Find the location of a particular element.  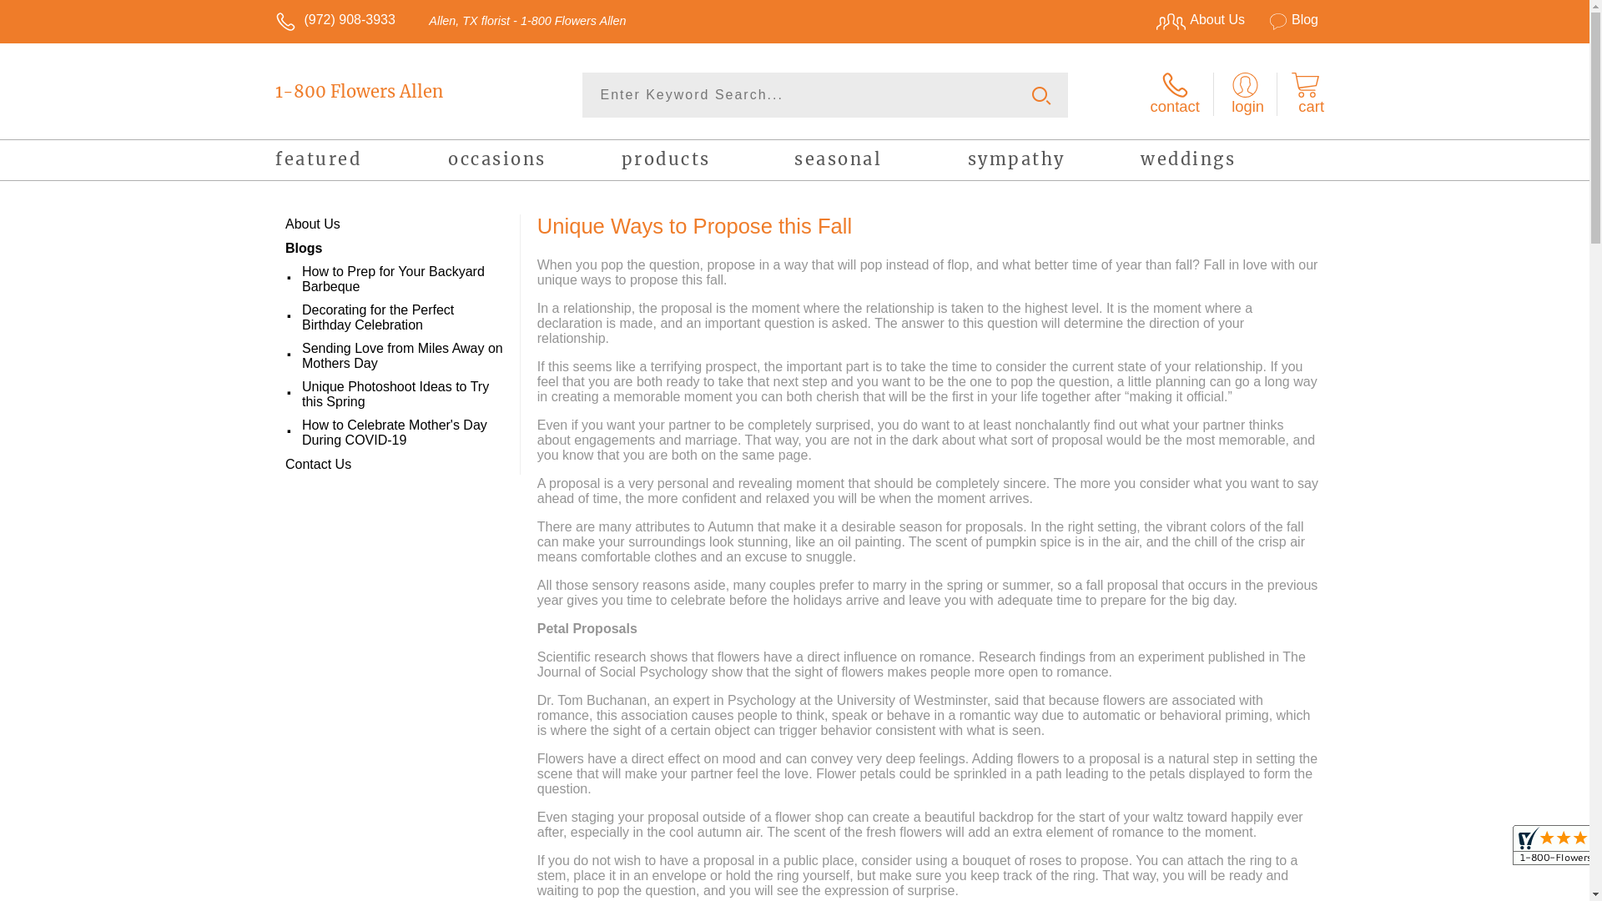

'1-800 Flowers Allen' is located at coordinates (395, 91).